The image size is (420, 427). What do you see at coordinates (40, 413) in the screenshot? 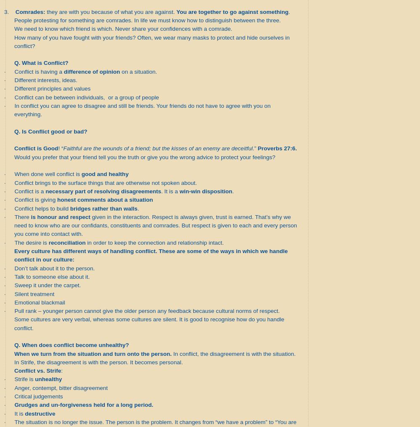
I see `'destructive'` at bounding box center [40, 413].